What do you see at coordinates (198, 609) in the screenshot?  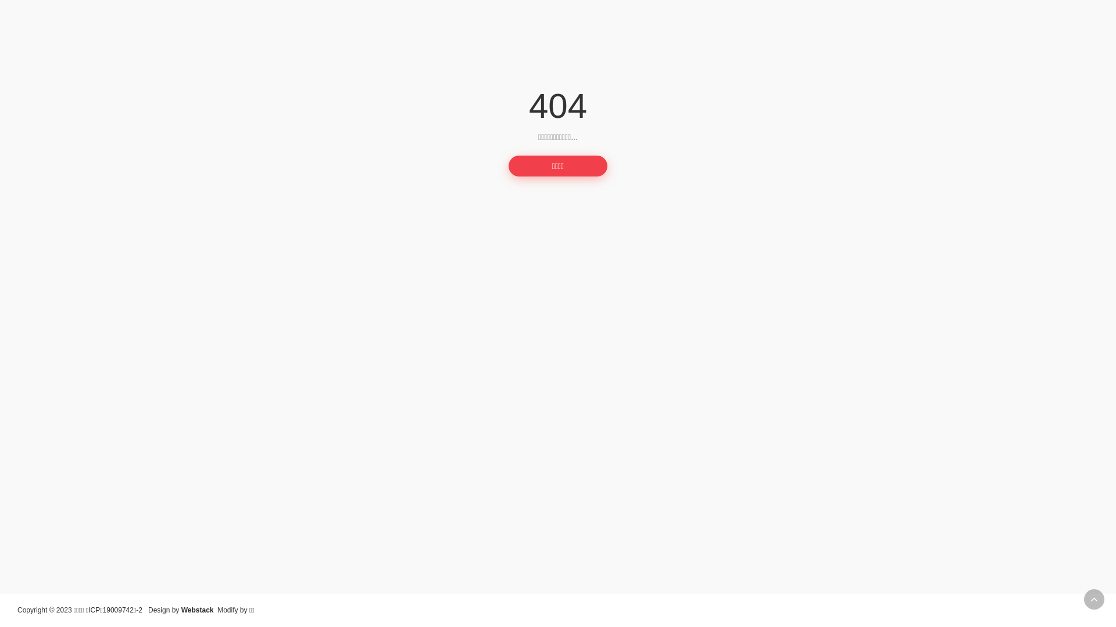 I see `'Webstack'` at bounding box center [198, 609].